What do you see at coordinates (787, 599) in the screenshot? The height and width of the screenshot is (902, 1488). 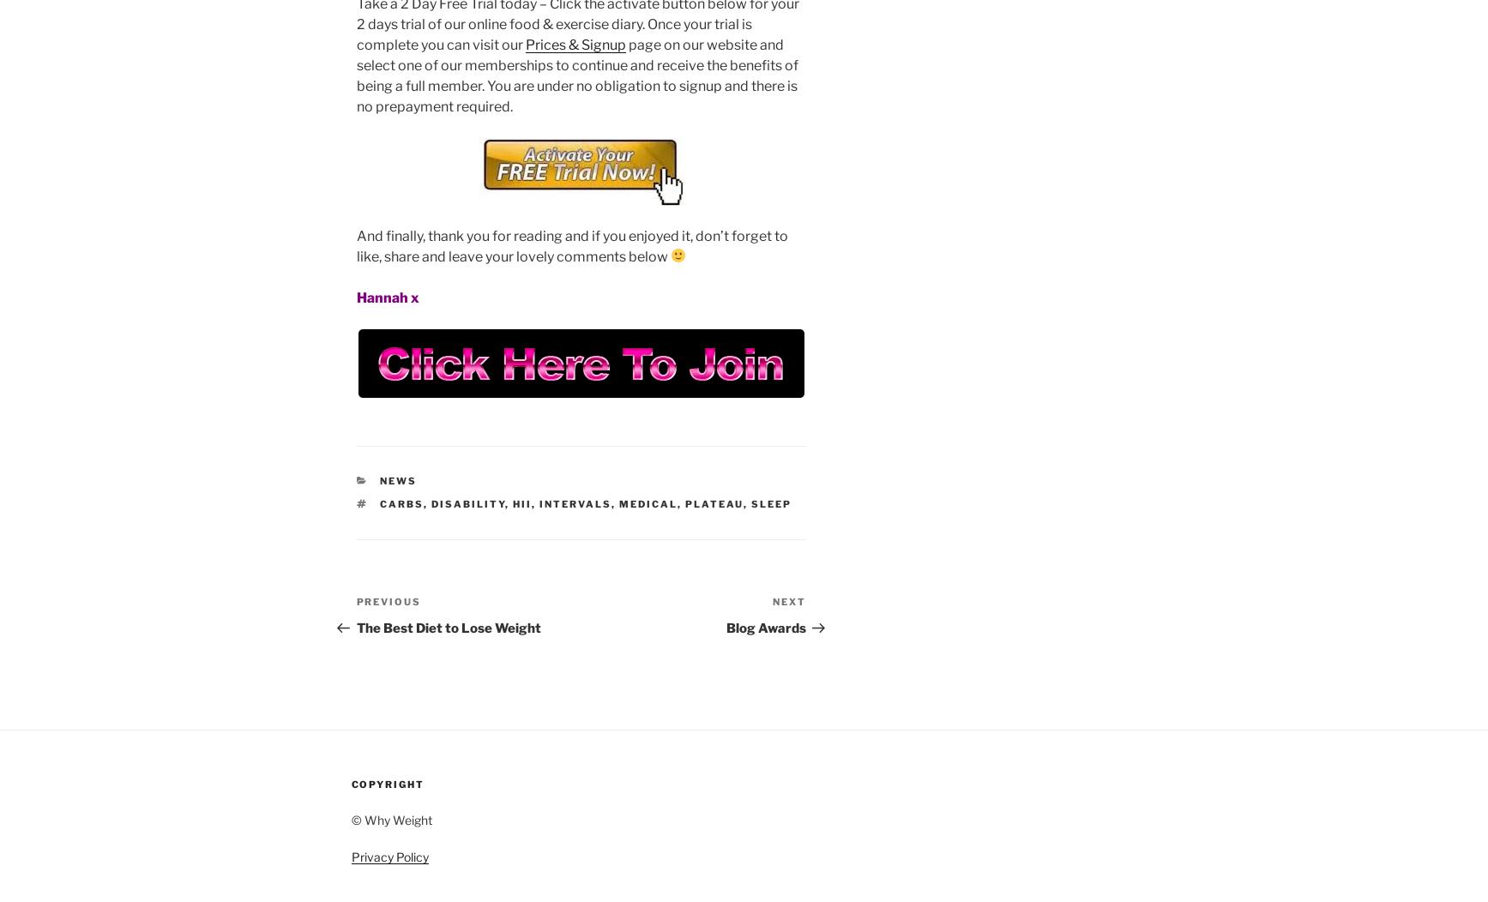 I see `'Next'` at bounding box center [787, 599].